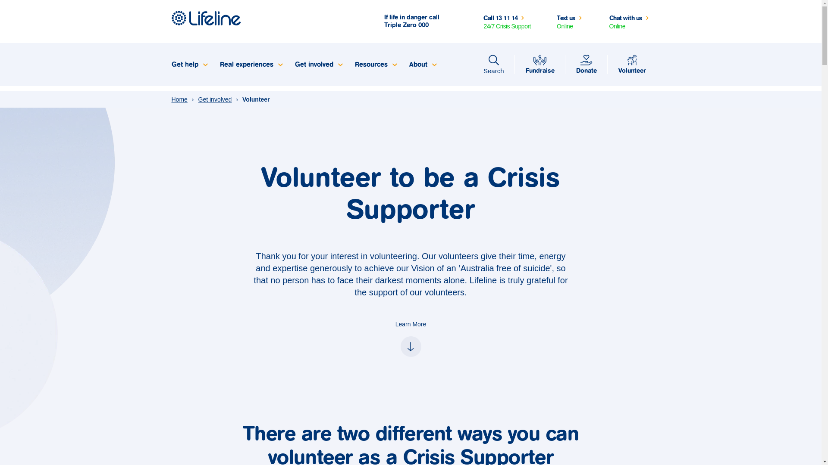  What do you see at coordinates (288, 64) in the screenshot?
I see `'Get involved'` at bounding box center [288, 64].